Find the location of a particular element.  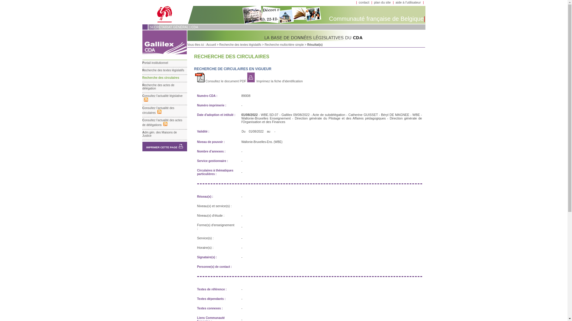

'Imprimer' is located at coordinates (180, 146).